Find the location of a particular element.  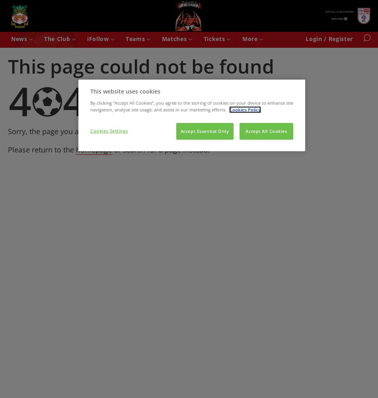

'or search for a page instead.' is located at coordinates (160, 149).